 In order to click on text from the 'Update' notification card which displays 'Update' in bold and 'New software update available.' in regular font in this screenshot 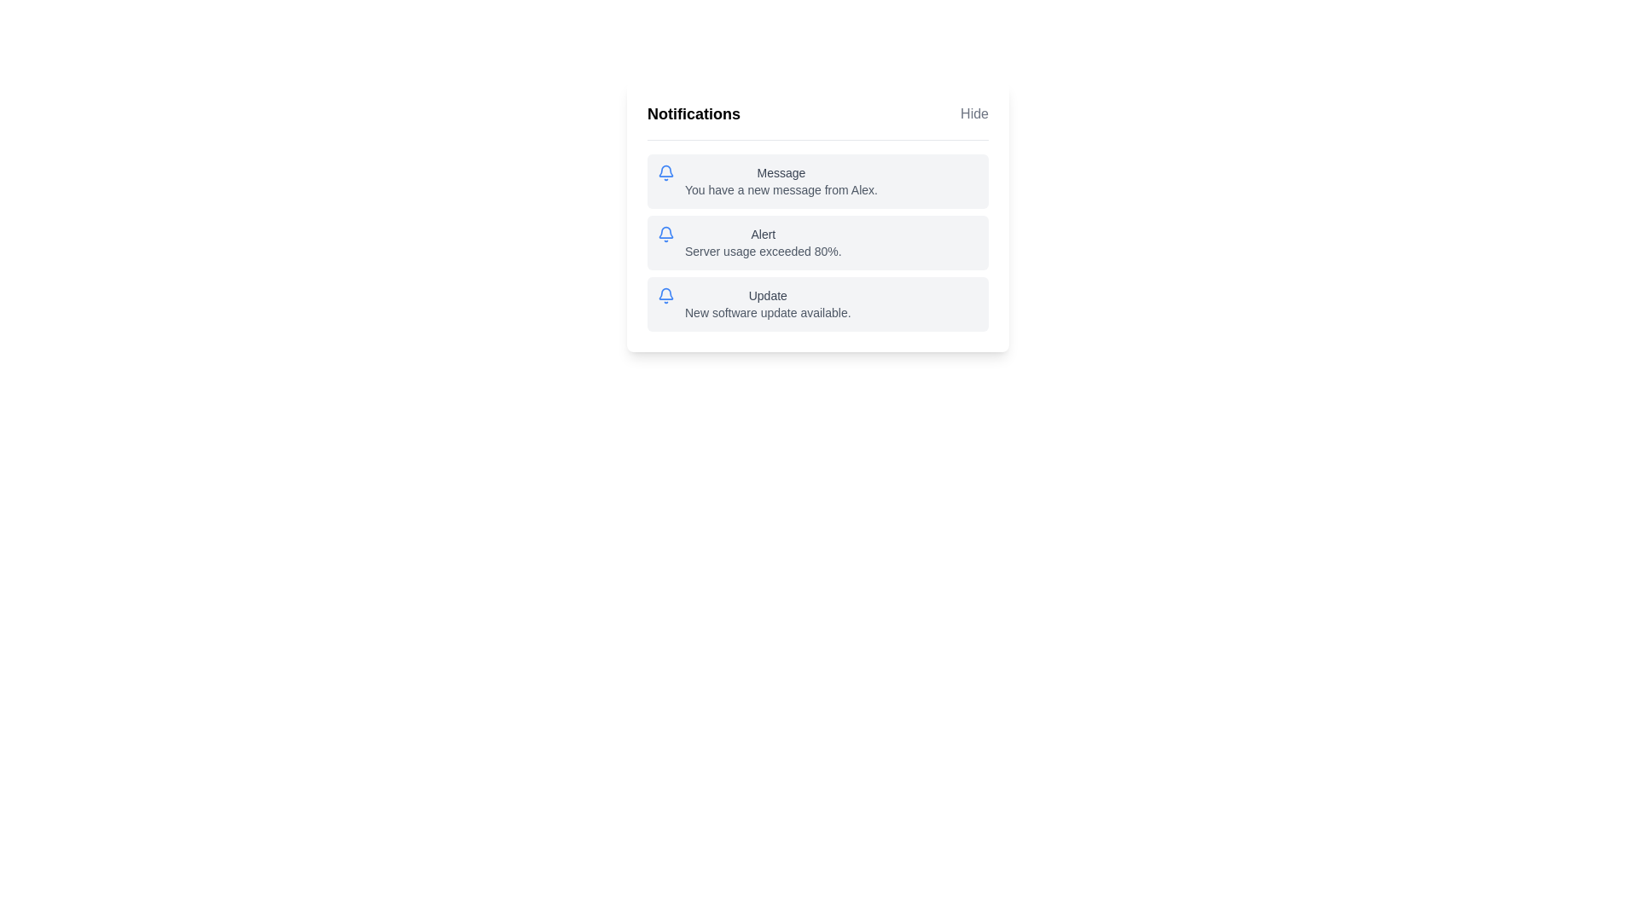, I will do `click(767, 304)`.